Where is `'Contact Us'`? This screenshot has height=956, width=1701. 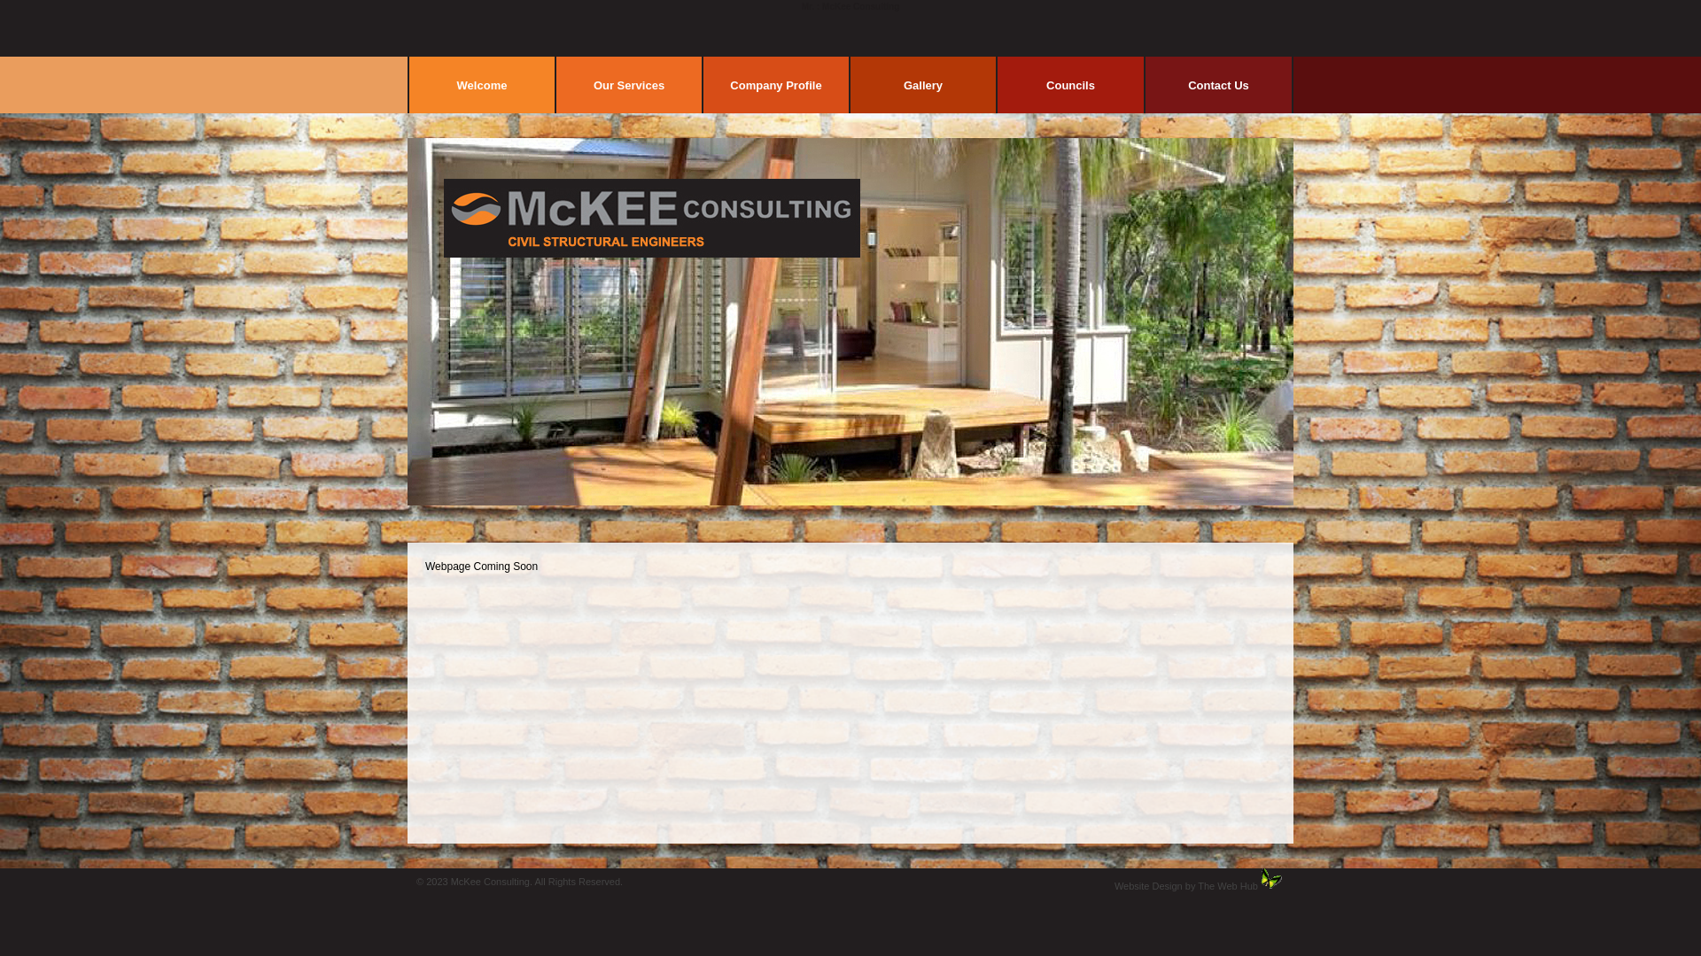 'Contact Us' is located at coordinates (1217, 85).